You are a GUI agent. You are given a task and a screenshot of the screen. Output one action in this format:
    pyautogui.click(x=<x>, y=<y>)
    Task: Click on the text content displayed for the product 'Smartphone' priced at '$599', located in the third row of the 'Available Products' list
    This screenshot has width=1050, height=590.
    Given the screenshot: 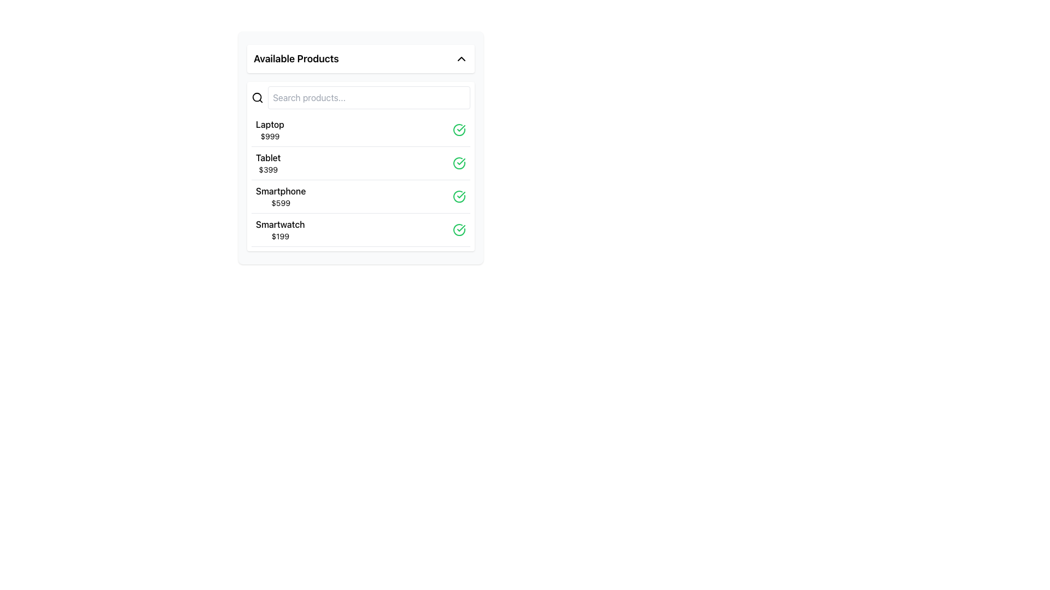 What is the action you would take?
    pyautogui.click(x=281, y=196)
    